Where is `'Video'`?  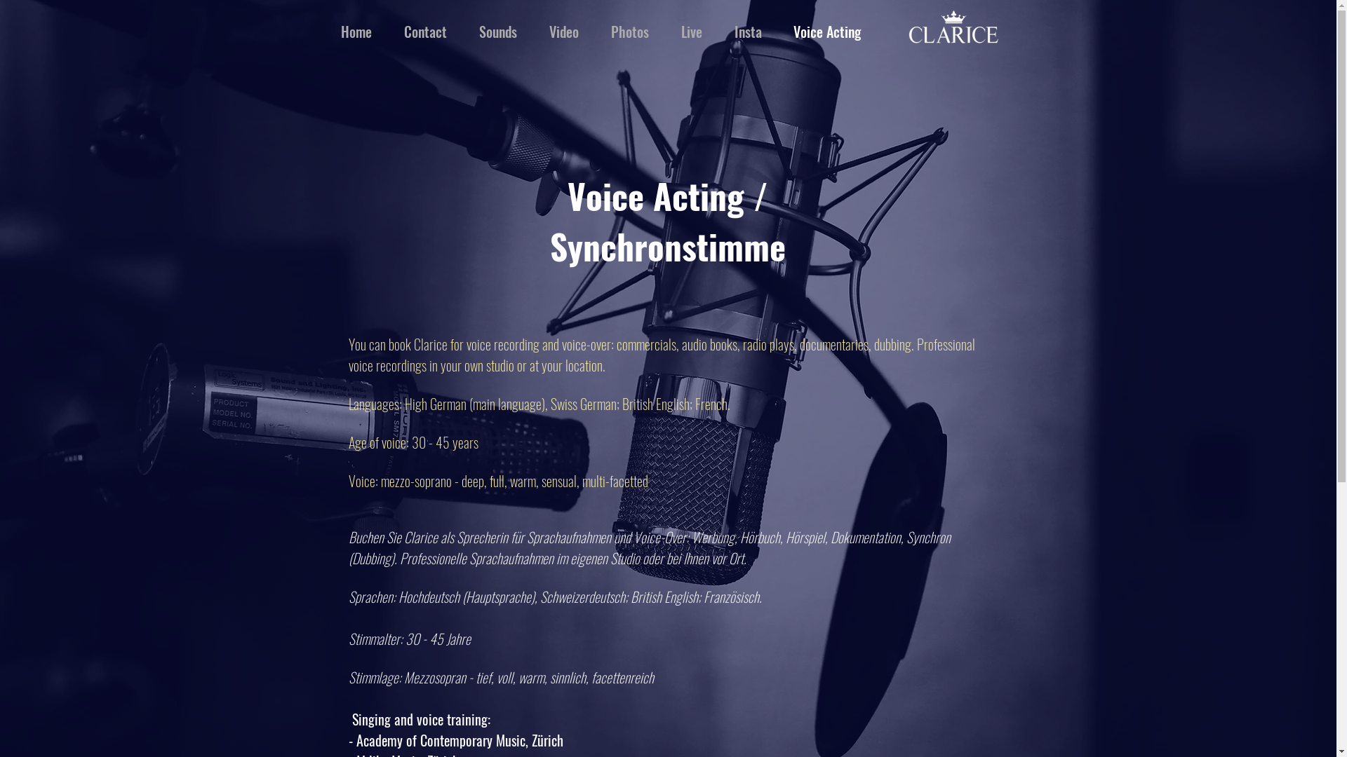 'Video' is located at coordinates (532, 32).